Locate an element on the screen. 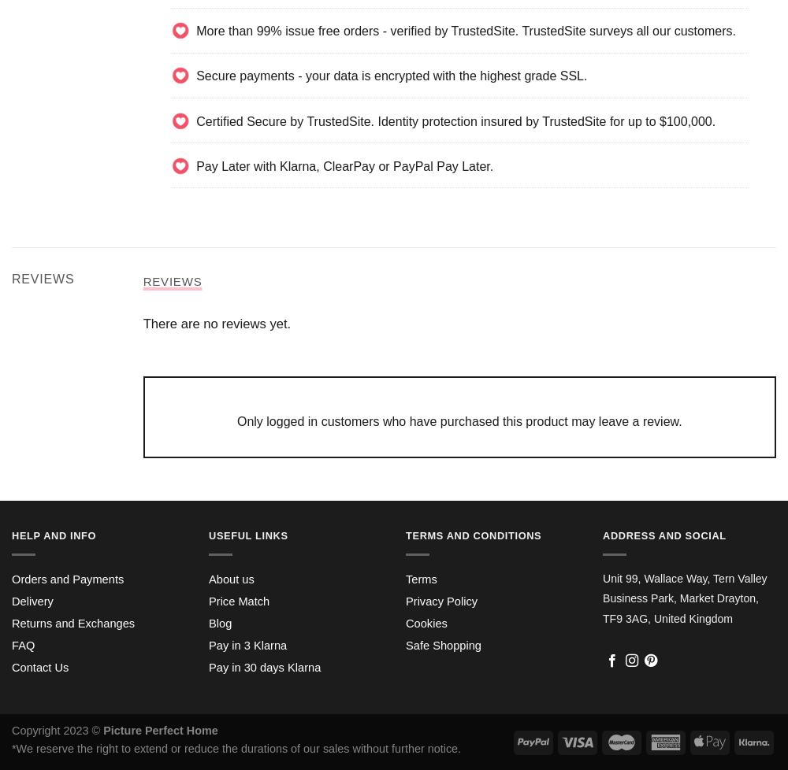  'Contact Us' is located at coordinates (40, 666).